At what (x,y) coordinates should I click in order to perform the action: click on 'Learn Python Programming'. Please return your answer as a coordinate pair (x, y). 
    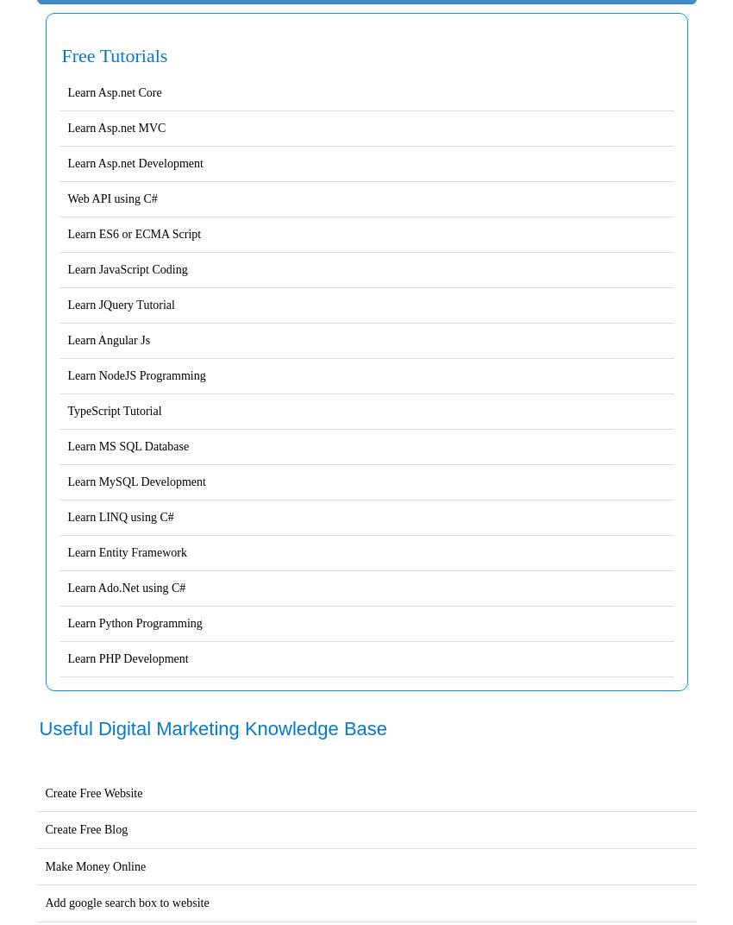
    Looking at the image, I should click on (134, 622).